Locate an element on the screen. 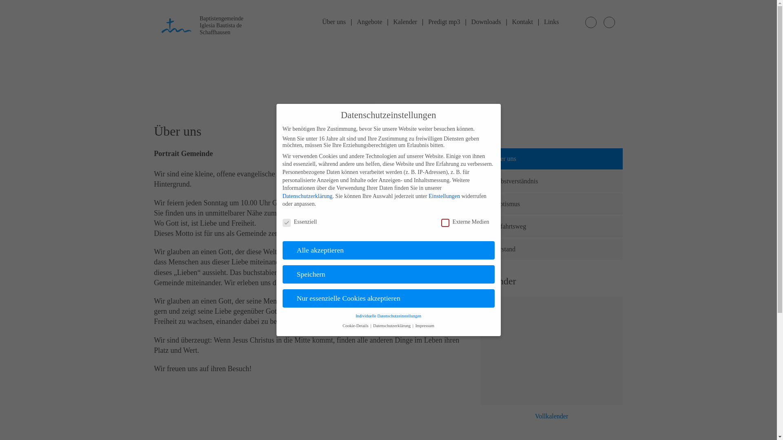  'Kontakt' is located at coordinates (522, 21).